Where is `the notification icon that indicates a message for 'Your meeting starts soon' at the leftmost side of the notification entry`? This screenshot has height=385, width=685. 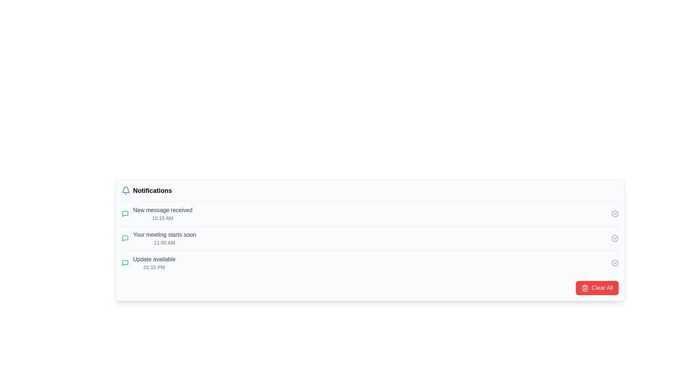 the notification icon that indicates a message for 'Your meeting starts soon' at the leftmost side of the notification entry is located at coordinates (125, 238).